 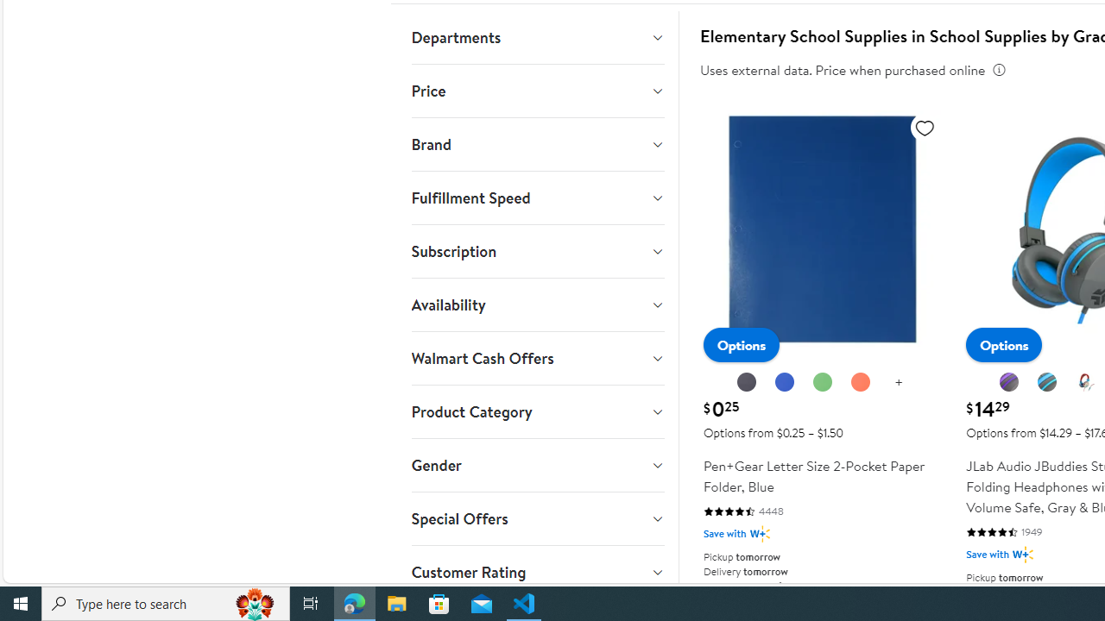 What do you see at coordinates (536, 37) in the screenshot?
I see `'Departments'` at bounding box center [536, 37].